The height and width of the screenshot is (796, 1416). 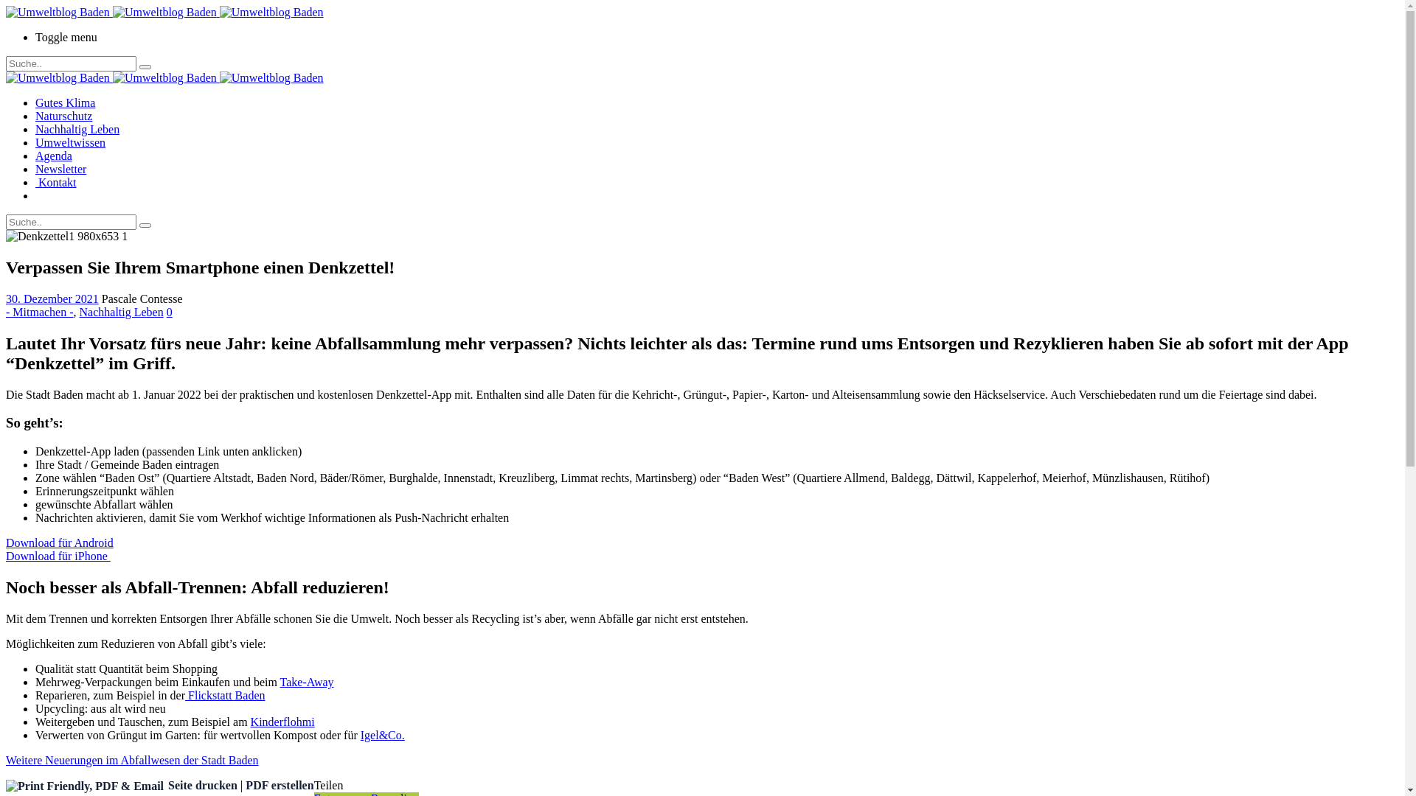 I want to click on '30. Dezember 2021', so click(x=52, y=298).